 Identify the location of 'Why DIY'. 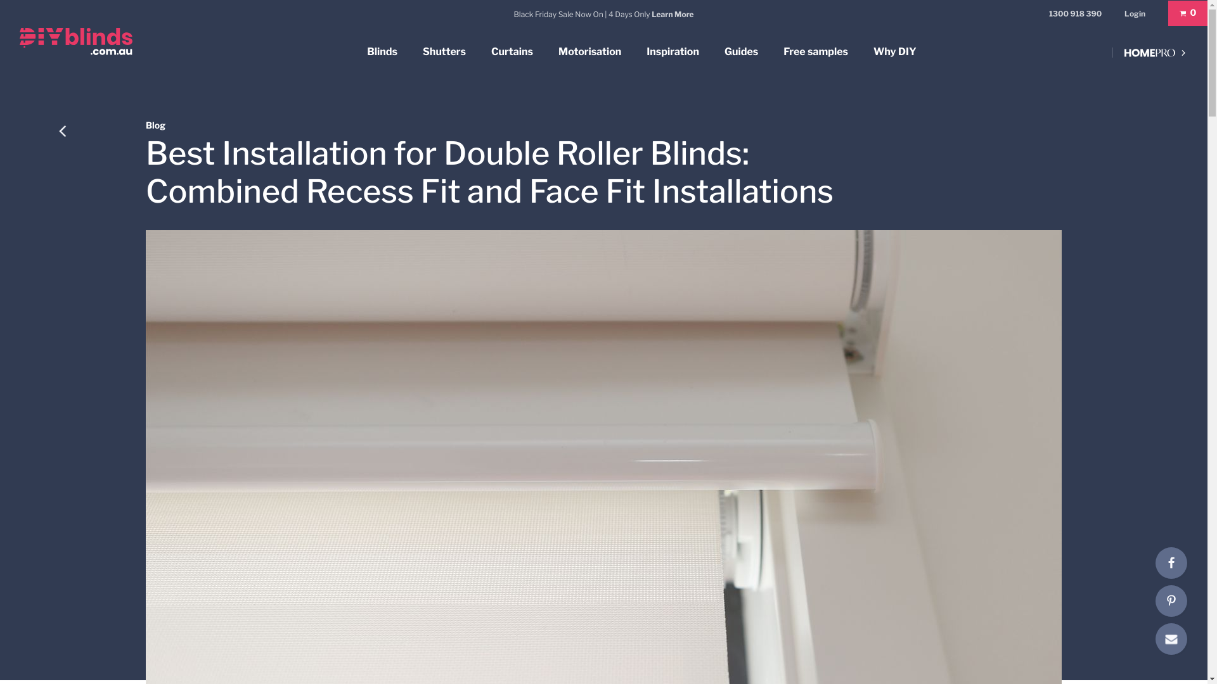
(894, 51).